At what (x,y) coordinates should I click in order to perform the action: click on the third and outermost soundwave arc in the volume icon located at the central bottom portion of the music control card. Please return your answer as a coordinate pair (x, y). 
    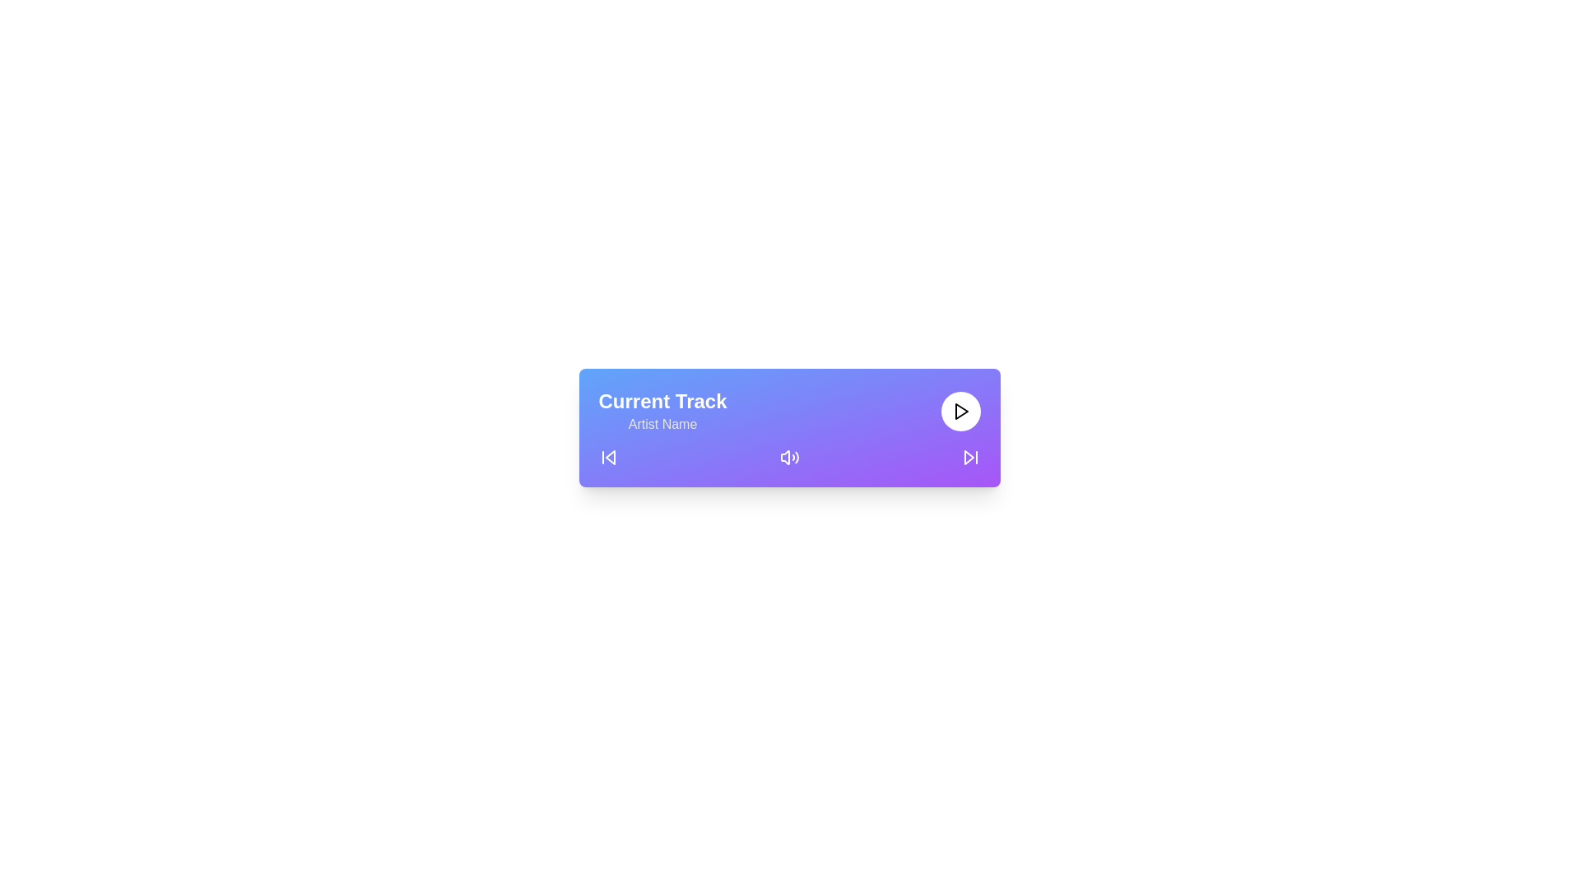
    Looking at the image, I should click on (797, 457).